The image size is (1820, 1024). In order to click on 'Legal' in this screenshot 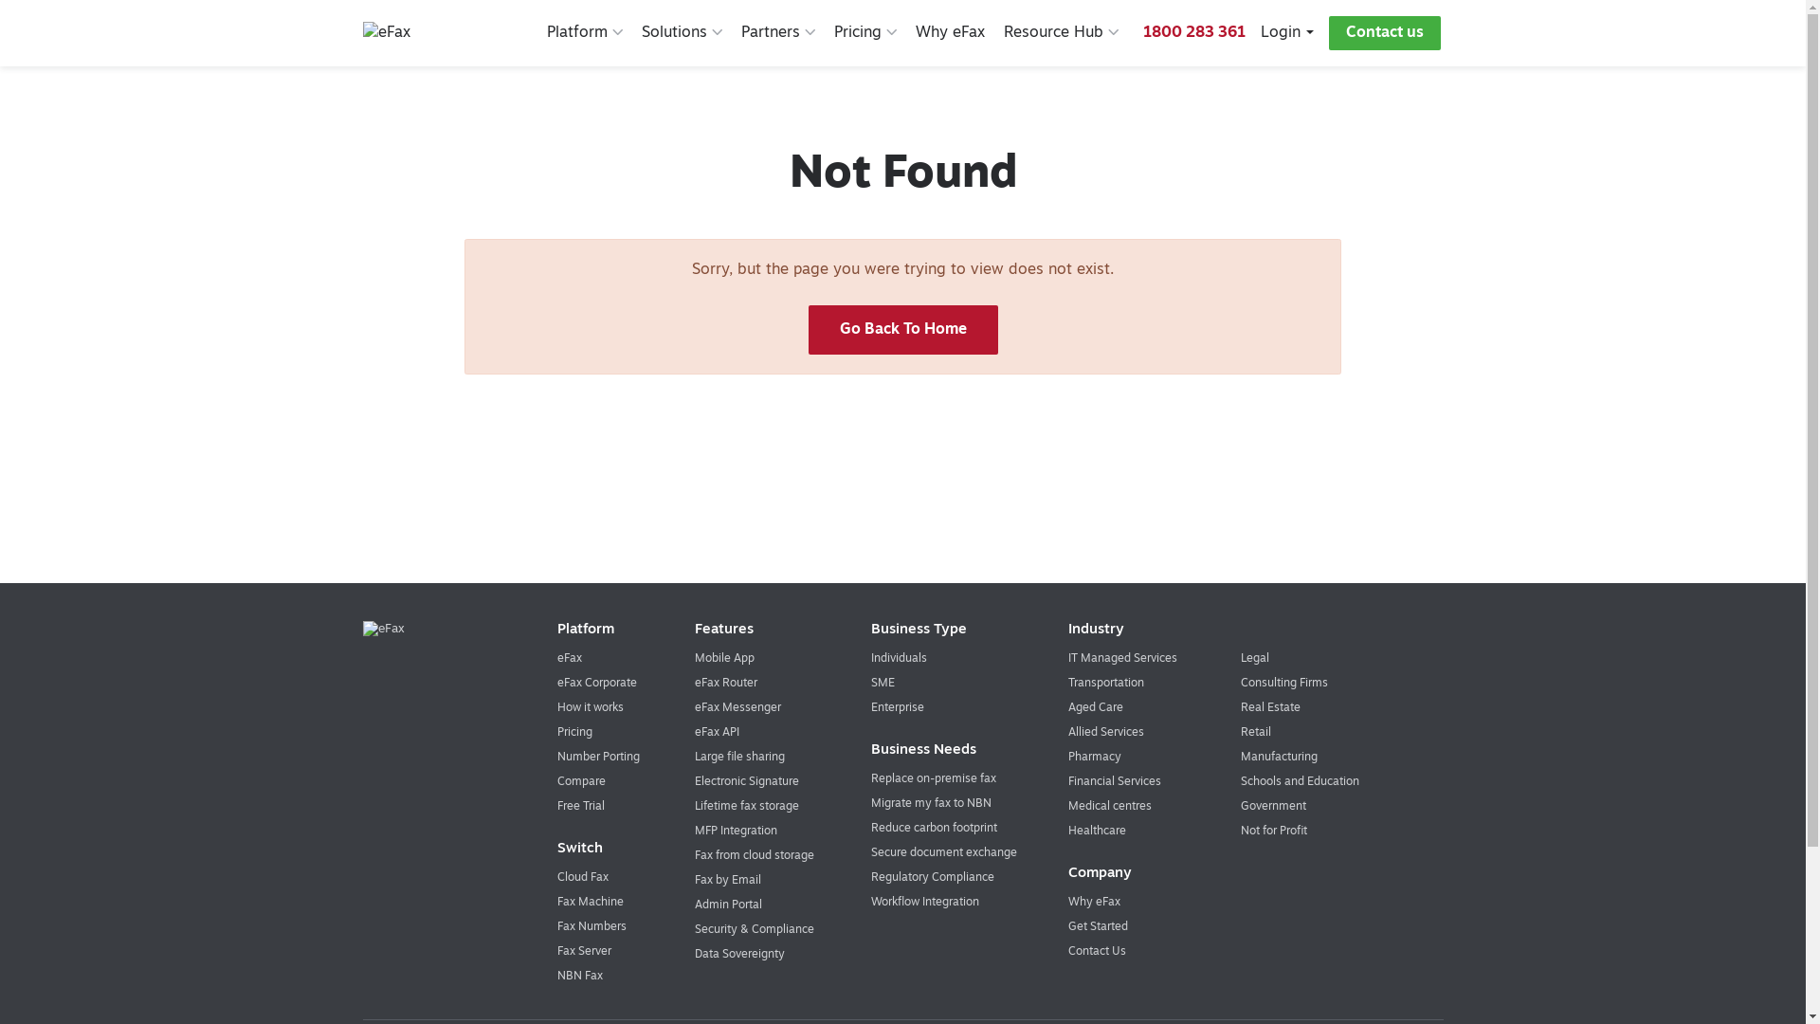, I will do `click(1255, 657)`.